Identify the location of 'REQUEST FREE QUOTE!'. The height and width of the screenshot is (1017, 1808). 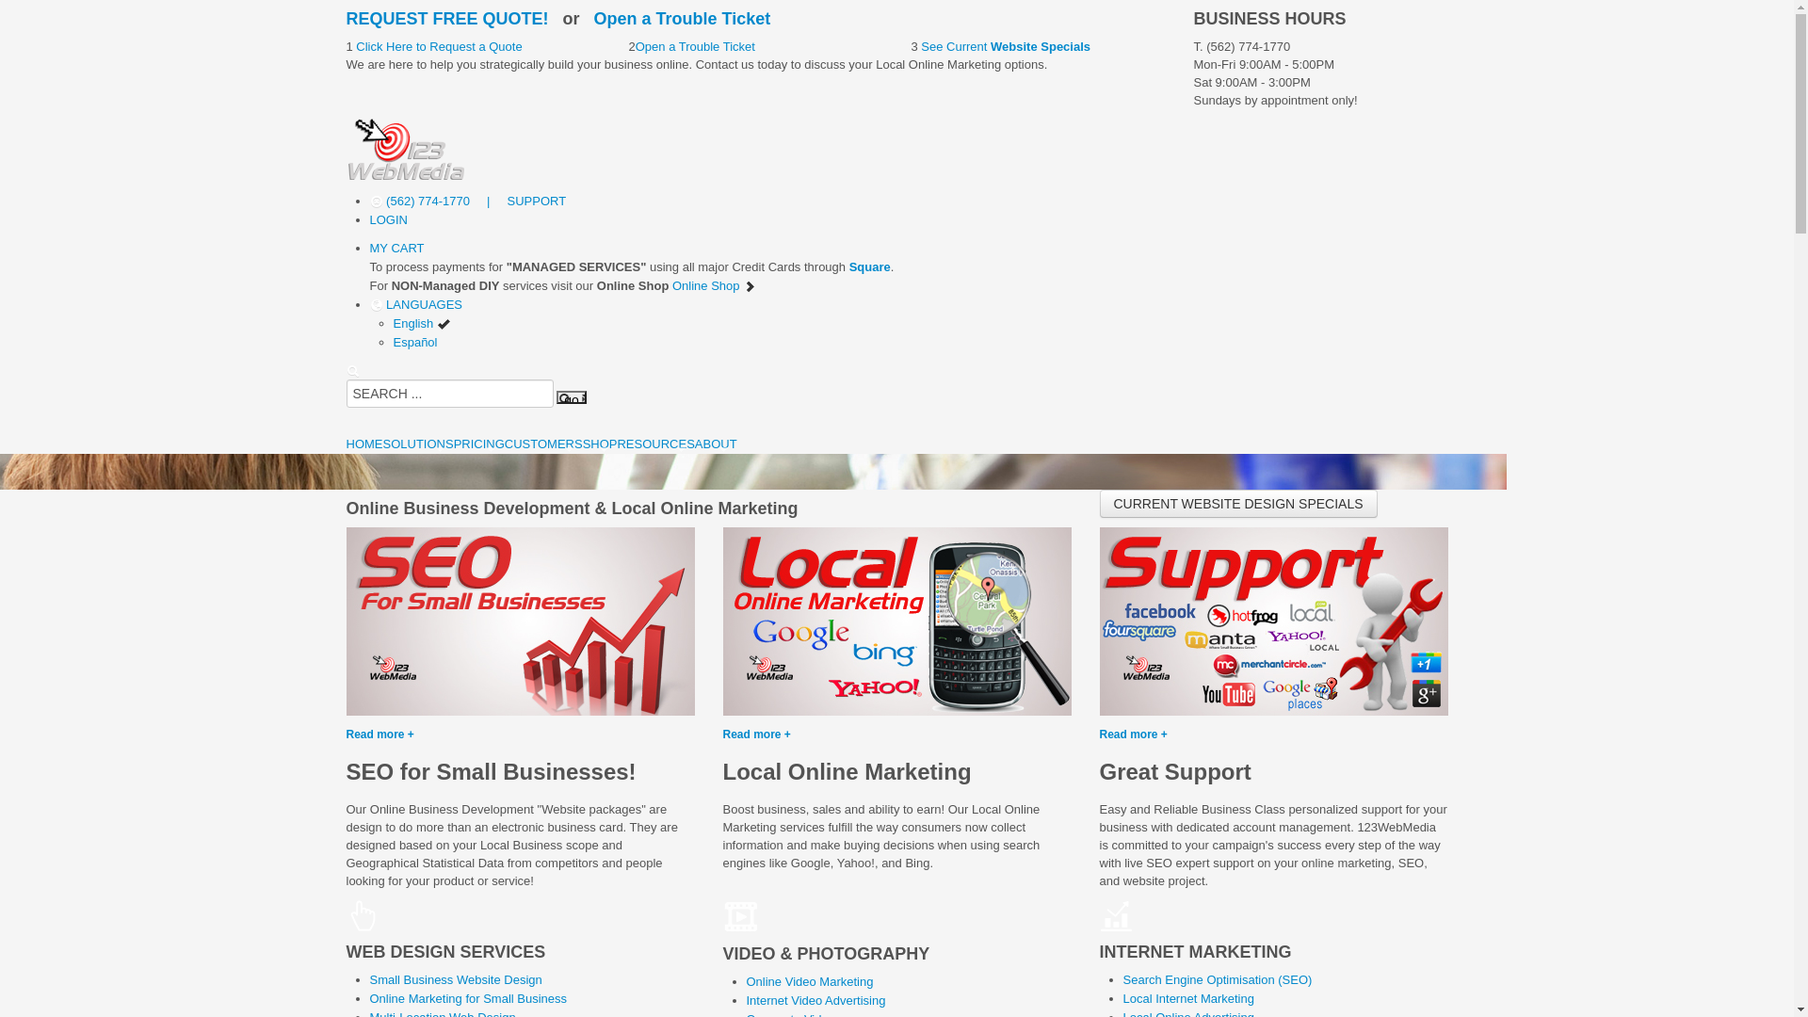
(446, 18).